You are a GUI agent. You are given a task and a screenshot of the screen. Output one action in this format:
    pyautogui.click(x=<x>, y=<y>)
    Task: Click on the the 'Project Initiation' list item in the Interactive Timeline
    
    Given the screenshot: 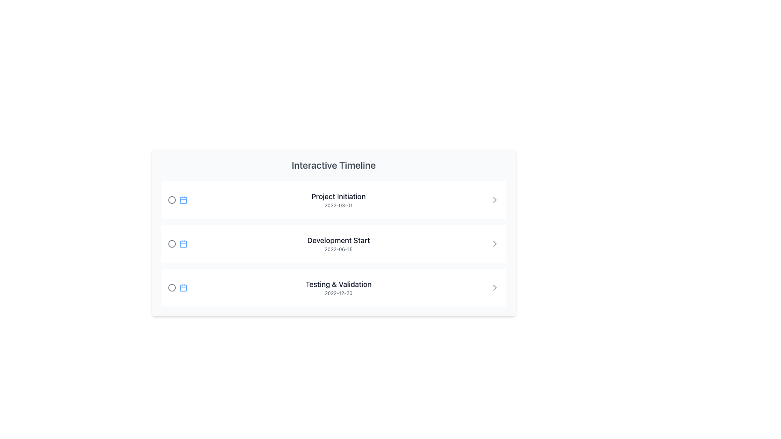 What is the action you would take?
    pyautogui.click(x=334, y=200)
    